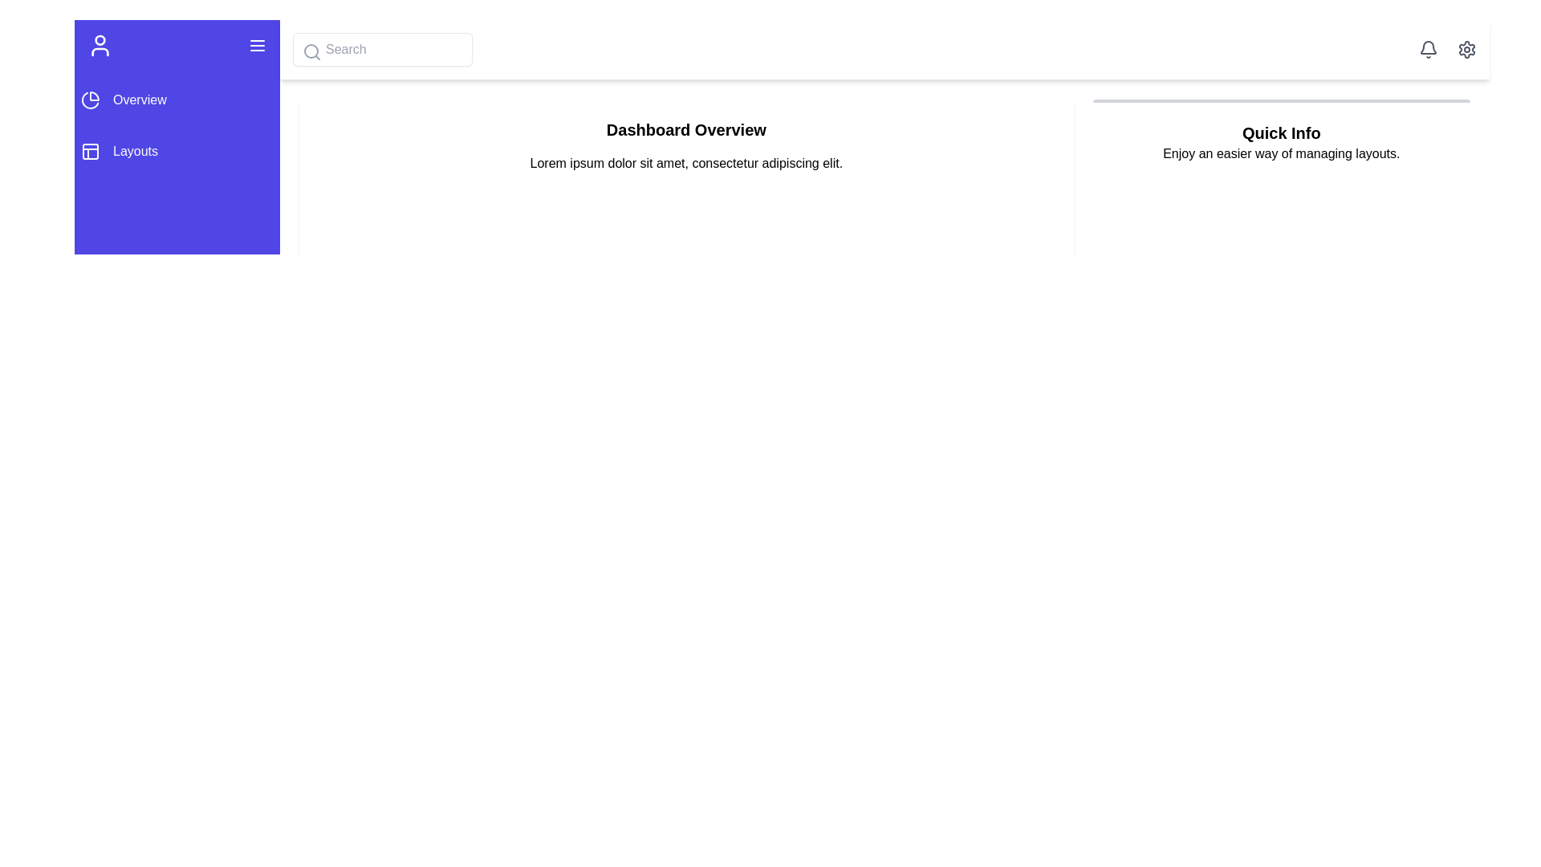  Describe the element at coordinates (1429, 47) in the screenshot. I see `the notification bell icon located in the top-right corner of the interface` at that location.